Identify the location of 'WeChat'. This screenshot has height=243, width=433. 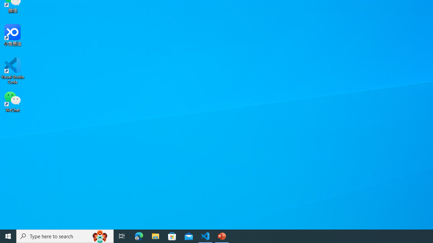
(13, 101).